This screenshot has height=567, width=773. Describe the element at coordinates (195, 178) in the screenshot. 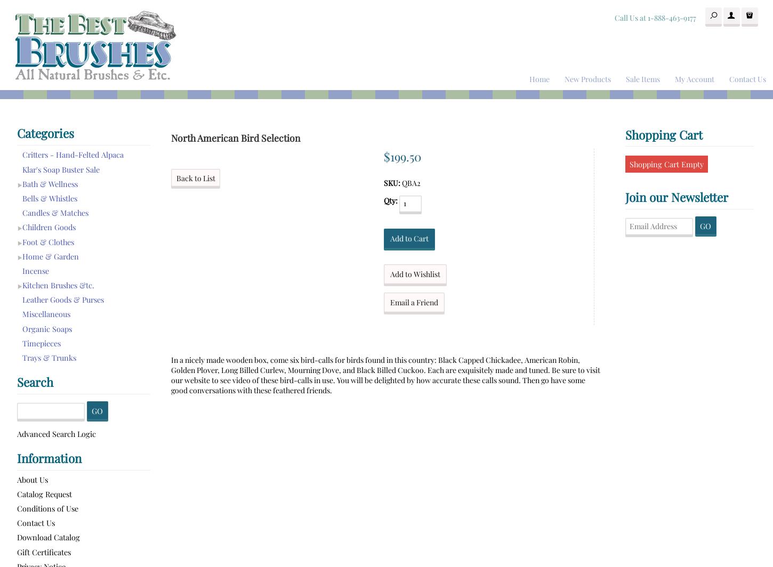

I see `'Back to List'` at that location.